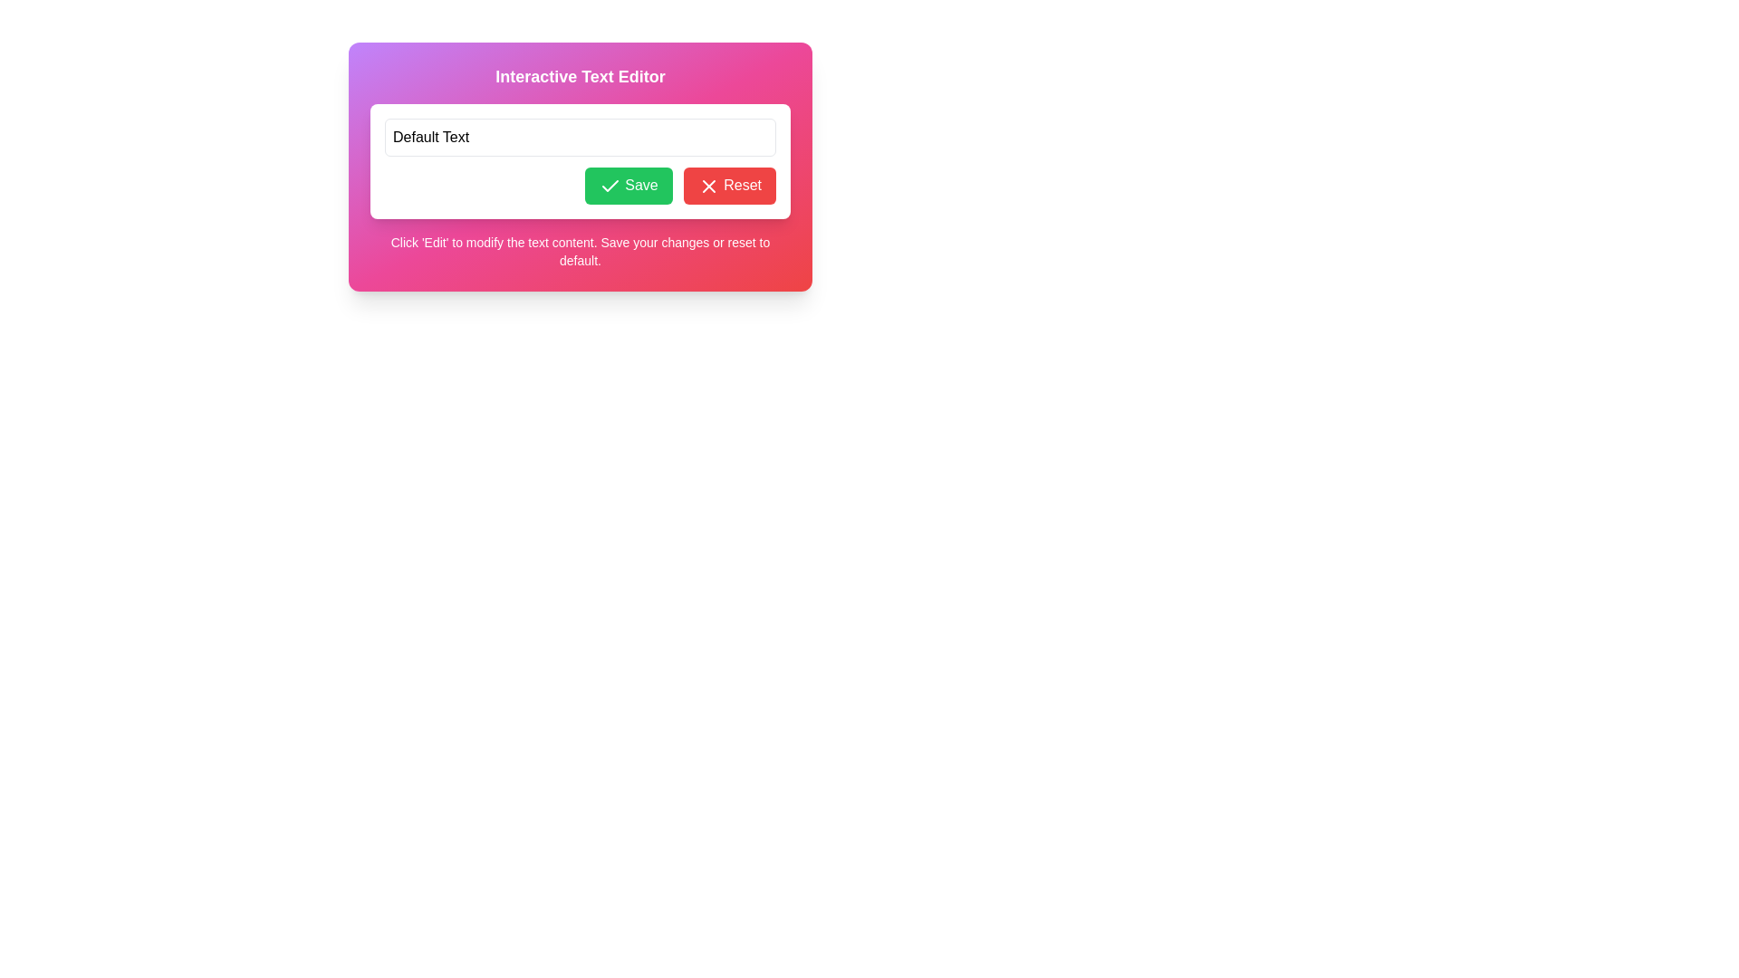 This screenshot has width=1739, height=978. Describe the element at coordinates (707, 186) in the screenshot. I see `the cross icon on the far-right side of the 'Reset' button` at that location.